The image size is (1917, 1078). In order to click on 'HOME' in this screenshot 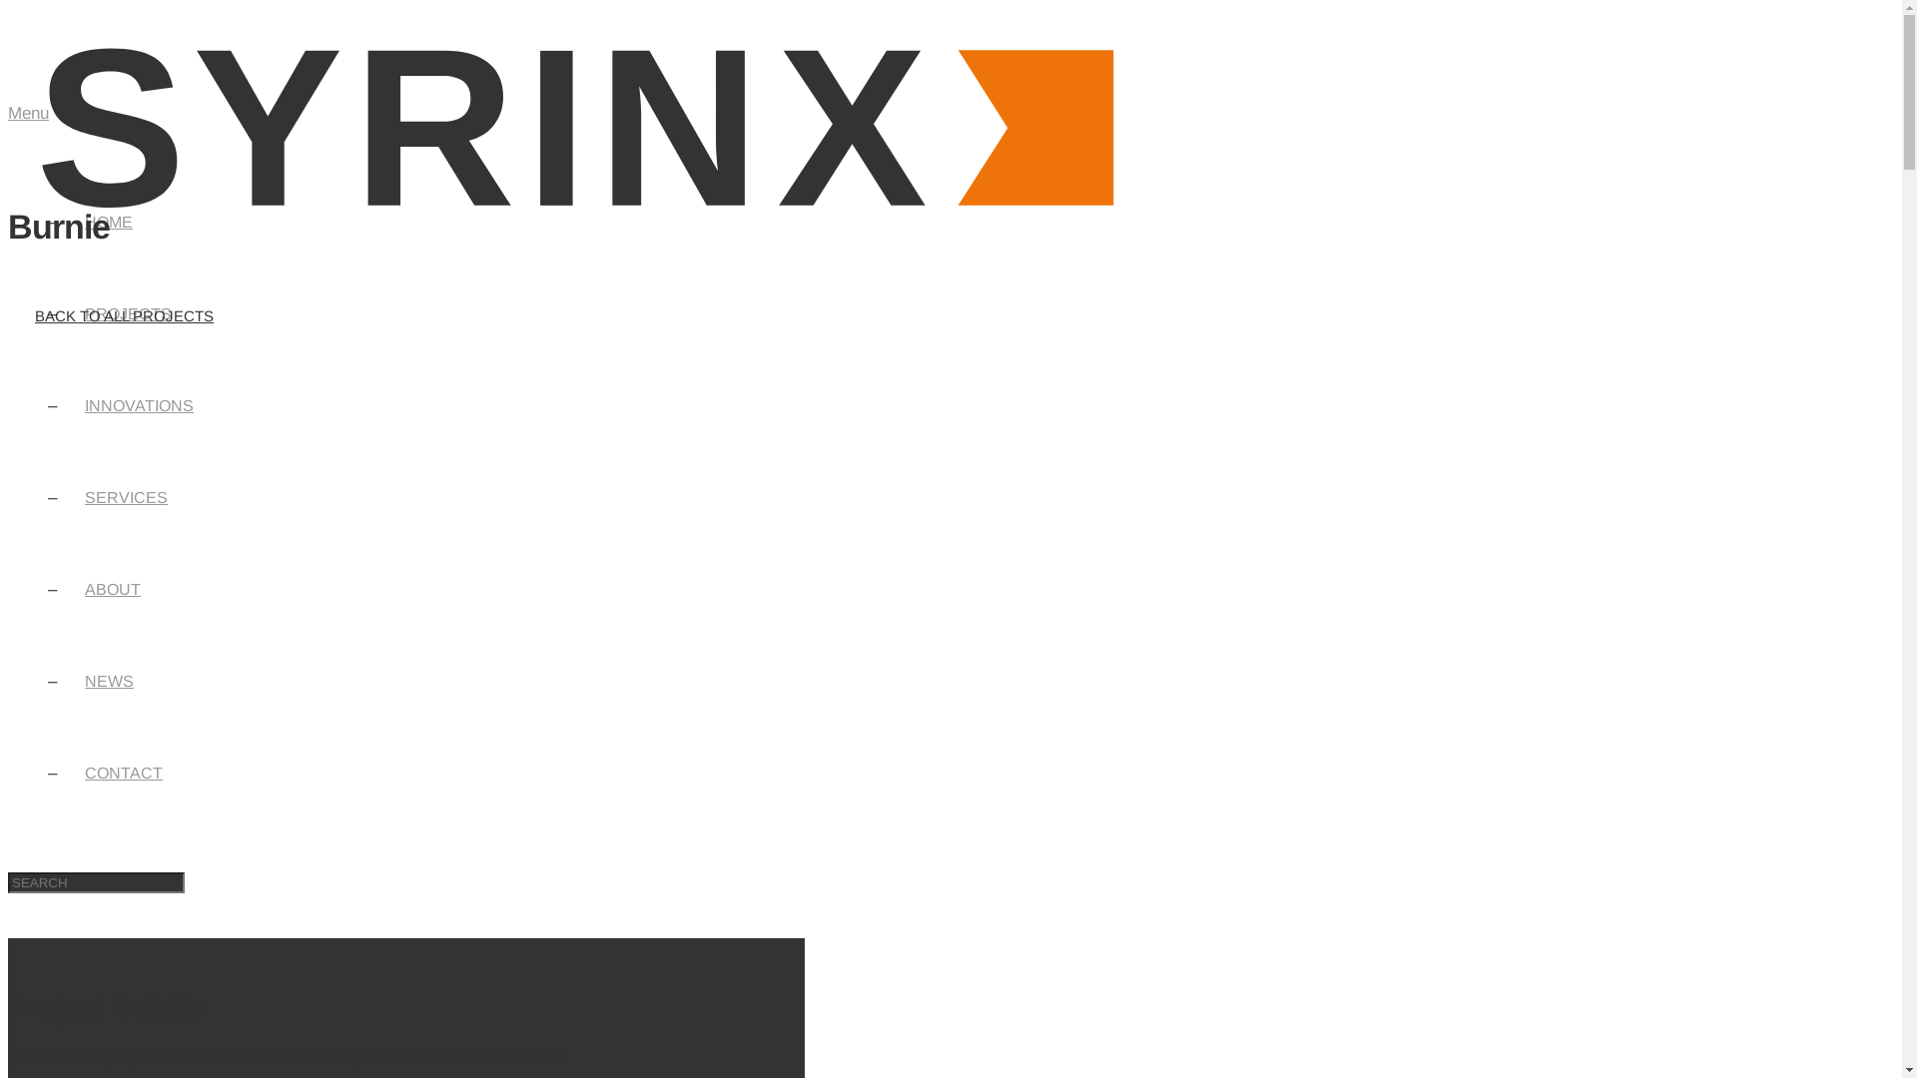, I will do `click(108, 222)`.